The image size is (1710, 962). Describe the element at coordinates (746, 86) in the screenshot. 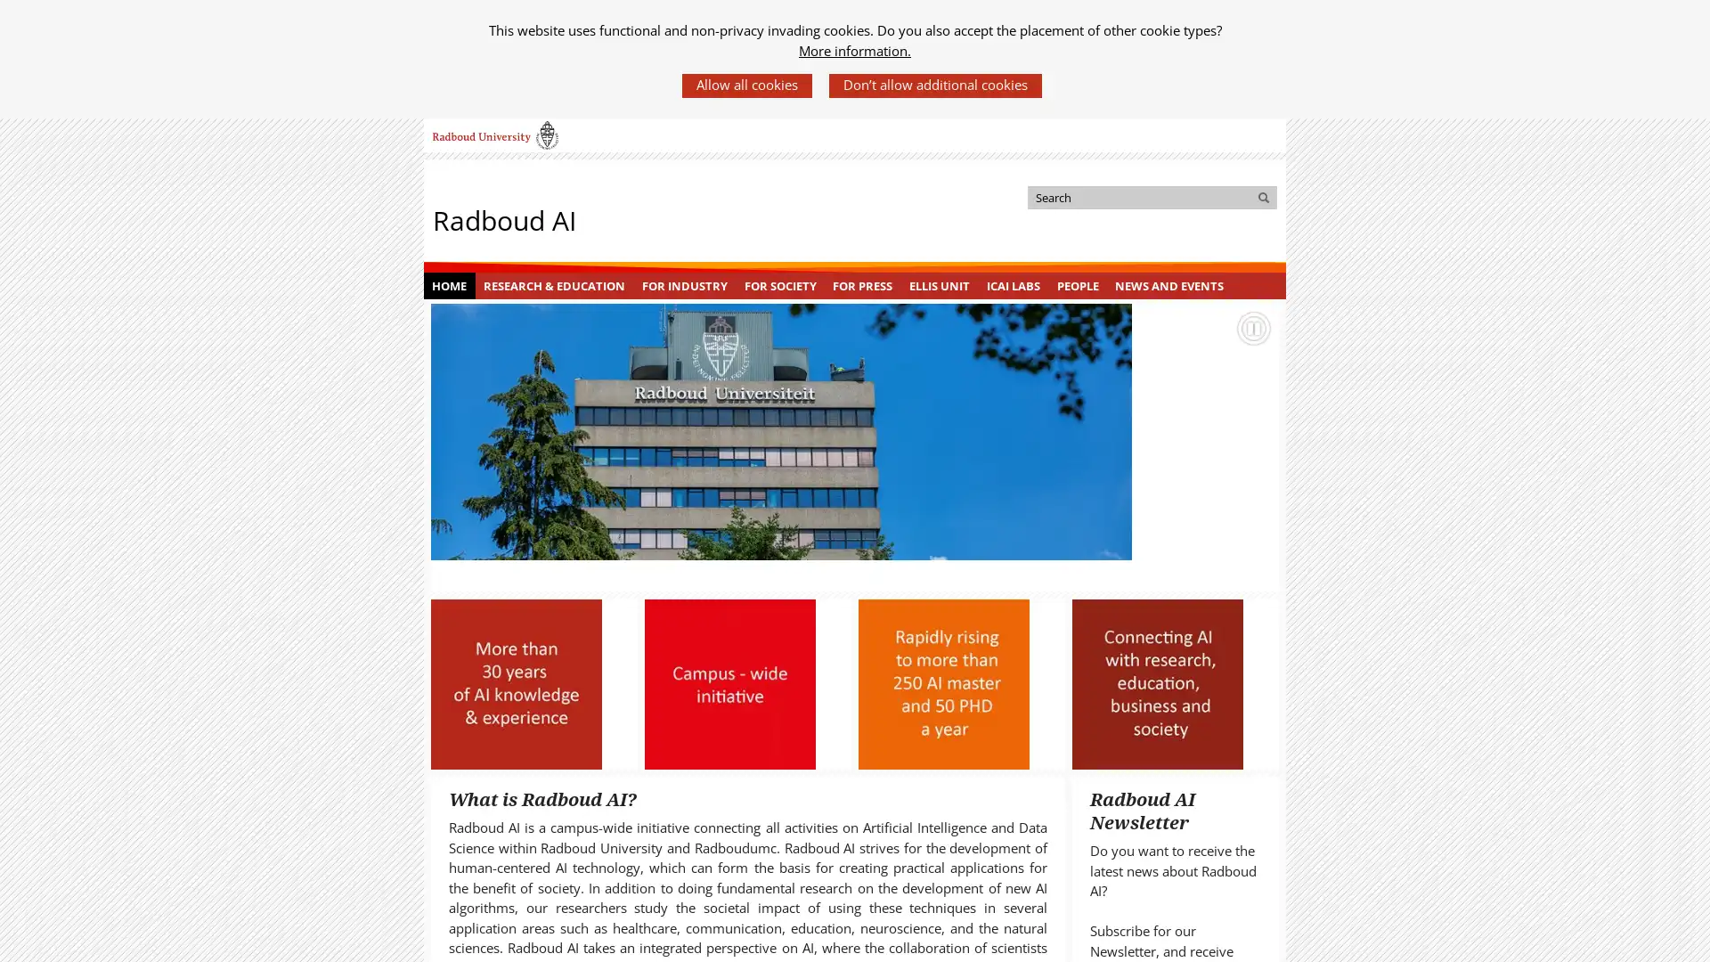

I see `Allow all cookies` at that location.